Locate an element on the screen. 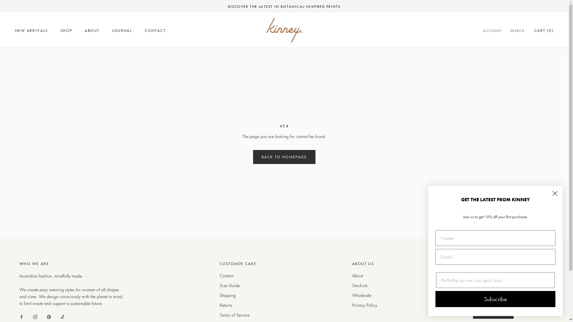  'CART (0)' is located at coordinates (544, 30).